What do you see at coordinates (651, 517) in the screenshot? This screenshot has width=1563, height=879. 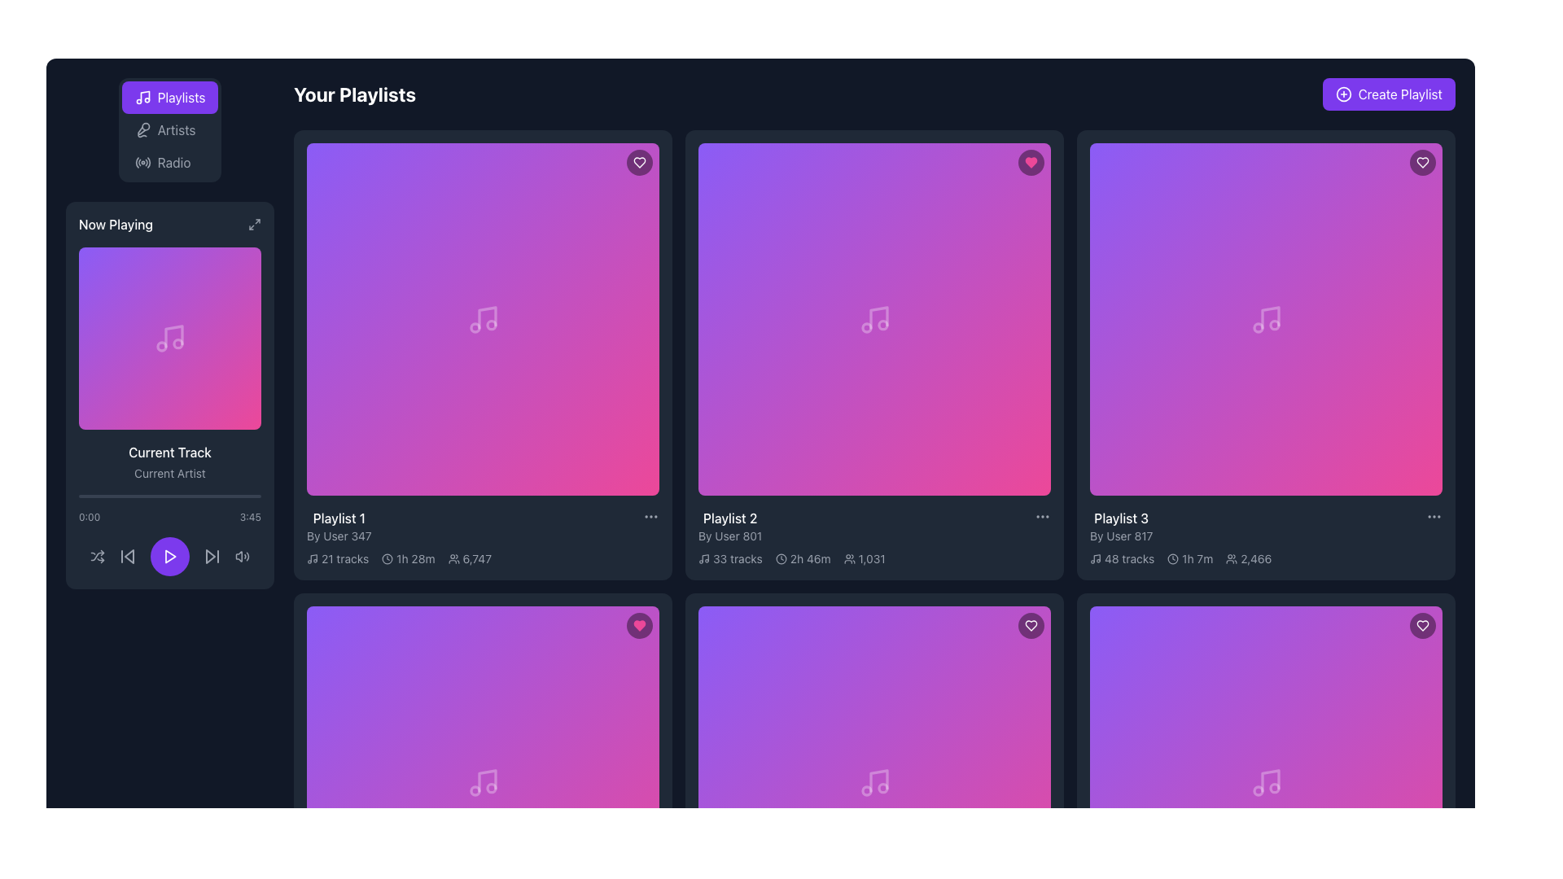 I see `the context menu button located at the top-right corner of the tile labeled 'Playlist 1'` at bounding box center [651, 517].